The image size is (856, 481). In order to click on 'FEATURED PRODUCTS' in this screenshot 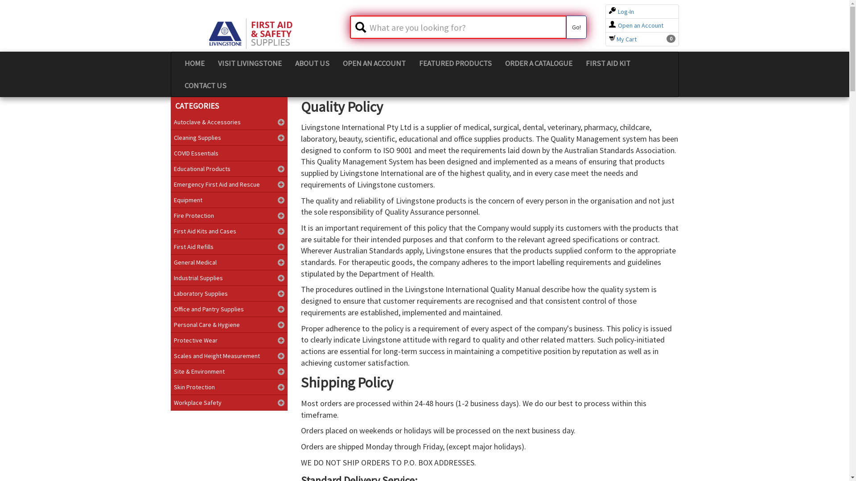, I will do `click(455, 63)`.